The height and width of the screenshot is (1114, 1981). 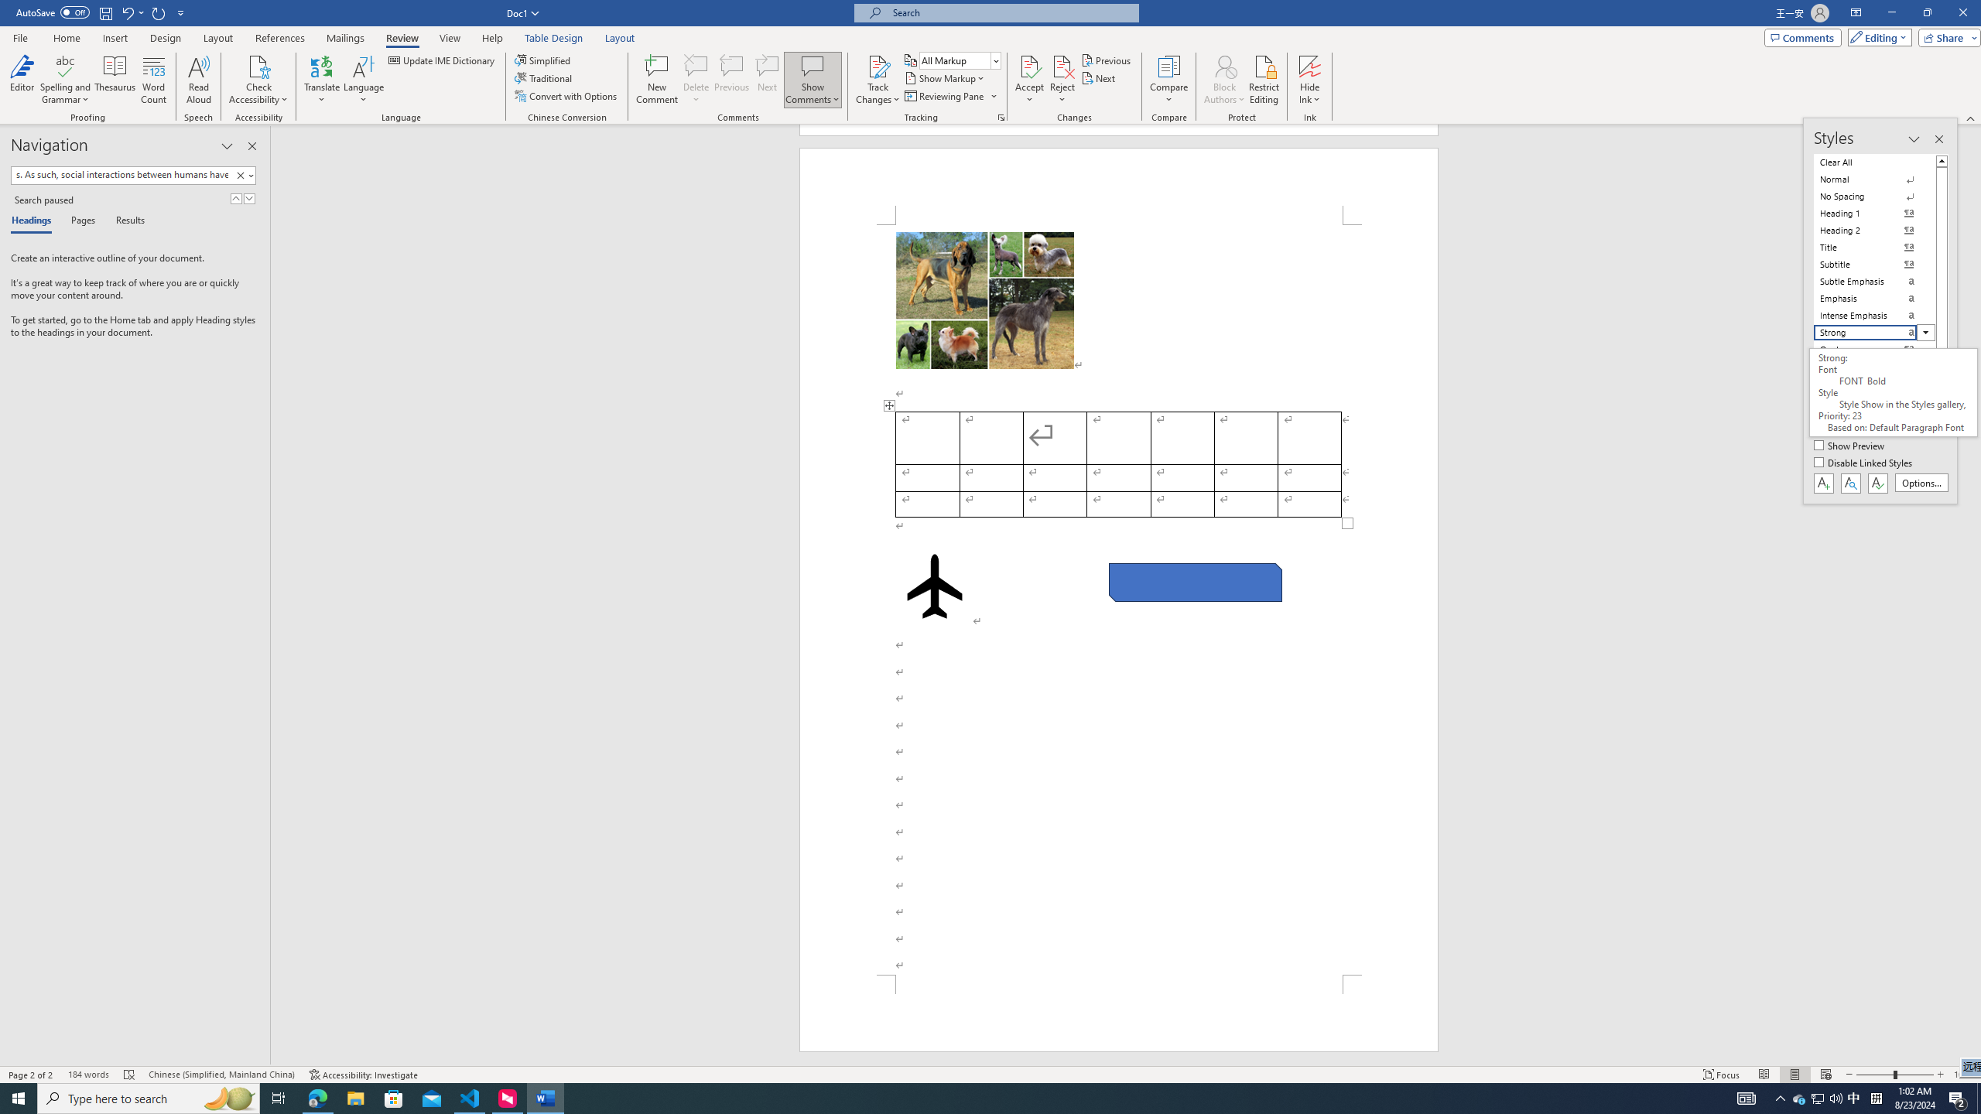 What do you see at coordinates (946, 77) in the screenshot?
I see `'Show Markup'` at bounding box center [946, 77].